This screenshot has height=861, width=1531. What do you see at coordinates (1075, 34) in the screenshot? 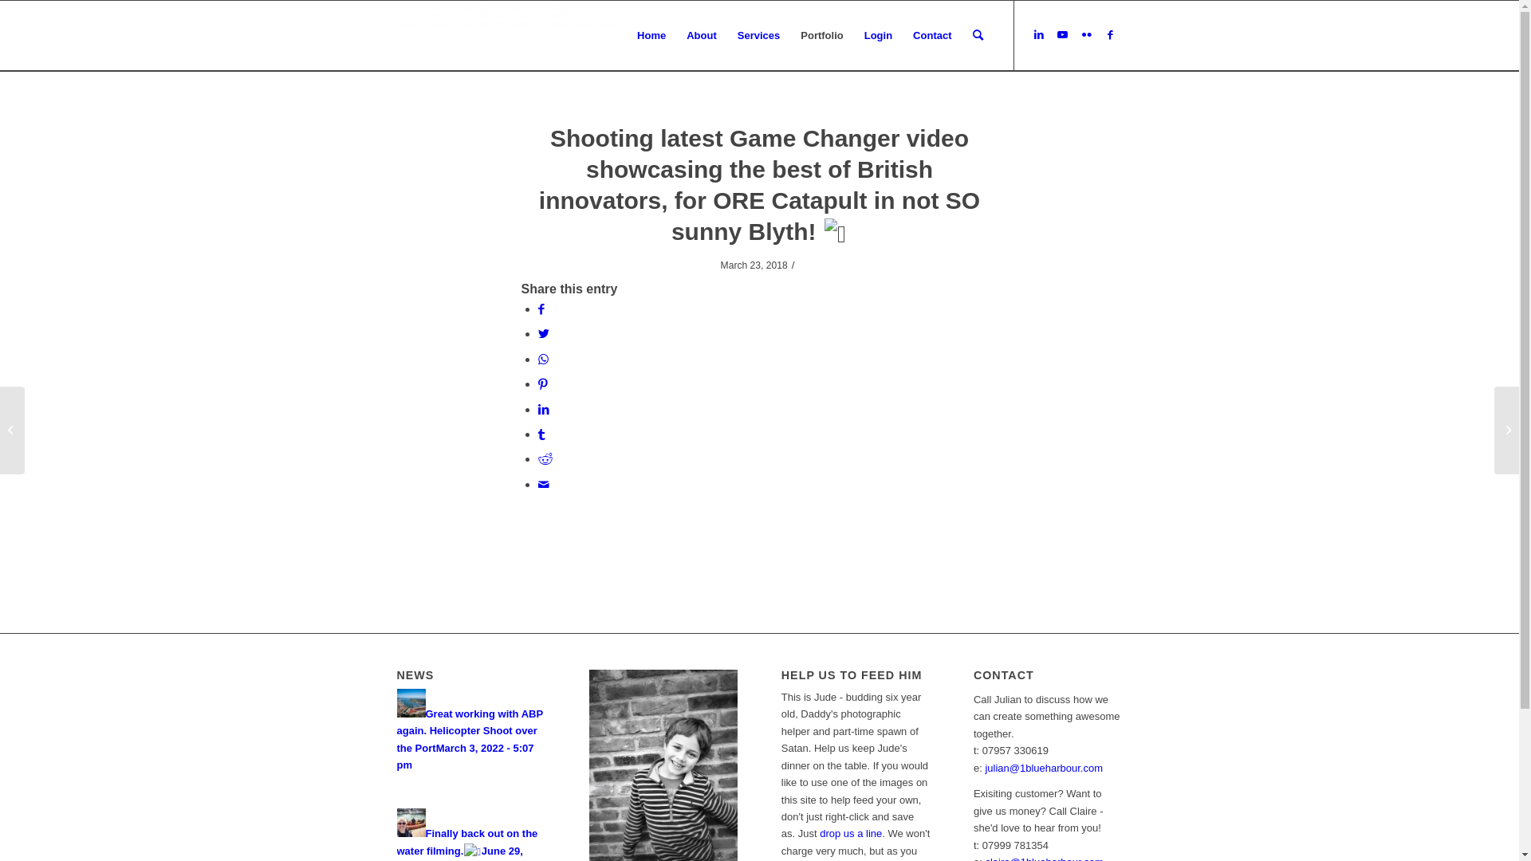
I see `'Flickr'` at bounding box center [1075, 34].